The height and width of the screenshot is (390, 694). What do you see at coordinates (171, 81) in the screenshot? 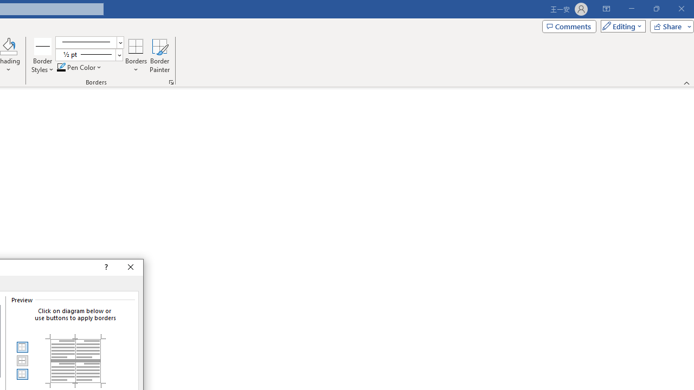
I see `'Borders and Shading...'` at bounding box center [171, 81].